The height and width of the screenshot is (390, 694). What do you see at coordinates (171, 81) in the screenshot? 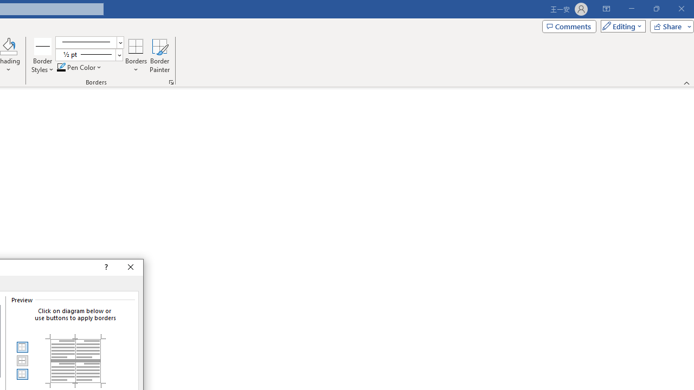
I see `'Borders and Shading...'` at bounding box center [171, 81].